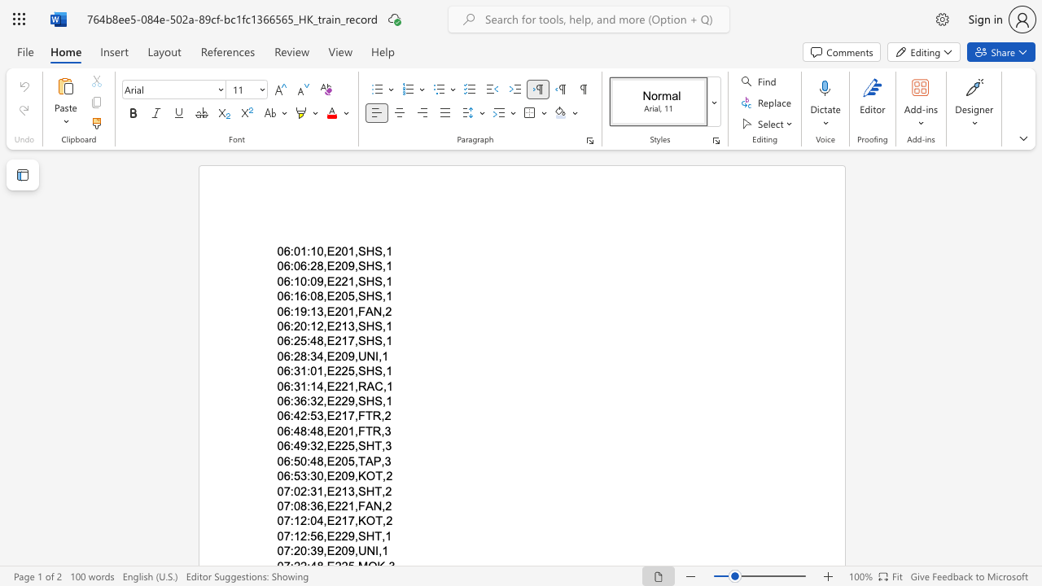 Image resolution: width=1042 pixels, height=586 pixels. I want to click on the subset text "20" within the text "07:20:39,E209,UNI,1", so click(334, 550).